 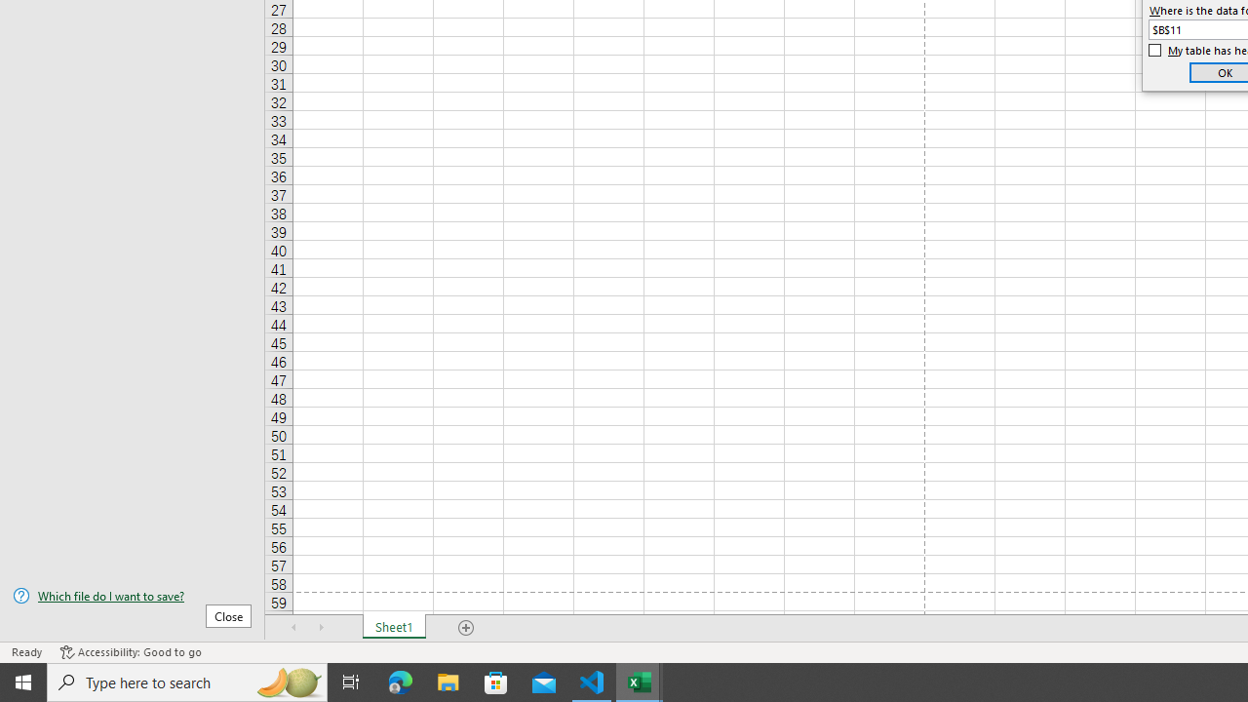 What do you see at coordinates (465, 628) in the screenshot?
I see `'Add Sheet'` at bounding box center [465, 628].